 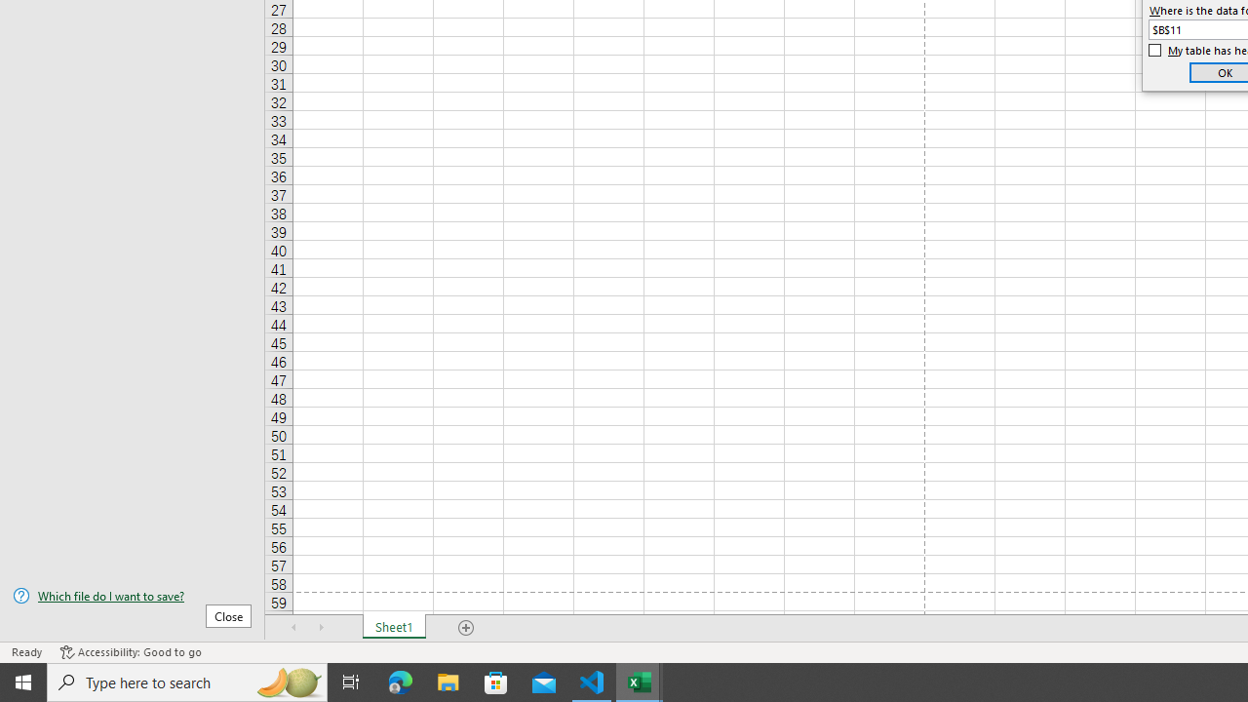 What do you see at coordinates (465, 628) in the screenshot?
I see `'Add Sheet'` at bounding box center [465, 628].